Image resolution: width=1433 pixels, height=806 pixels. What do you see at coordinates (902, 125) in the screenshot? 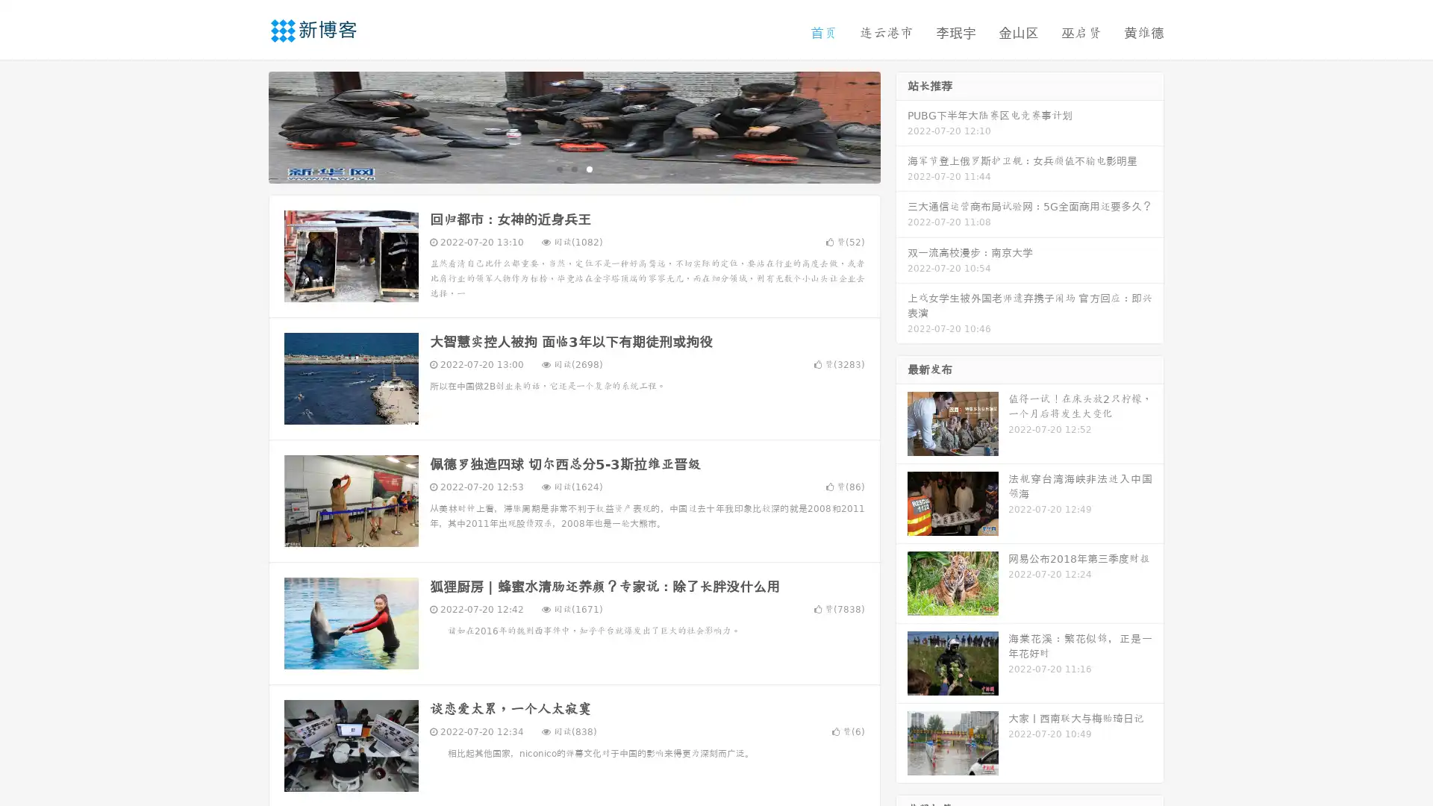
I see `Next slide` at bounding box center [902, 125].